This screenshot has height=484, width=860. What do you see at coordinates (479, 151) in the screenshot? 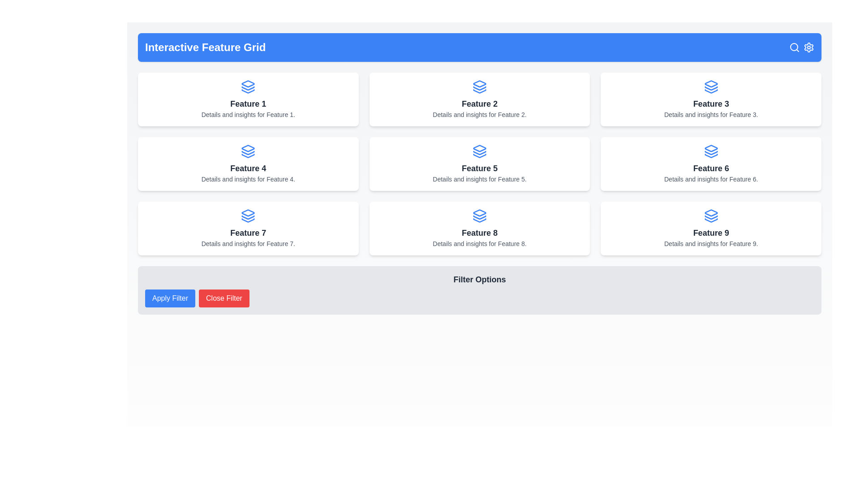
I see `the blue icon styled as a stack of layers located above the bold text labeled 'Feature 5'` at bounding box center [479, 151].